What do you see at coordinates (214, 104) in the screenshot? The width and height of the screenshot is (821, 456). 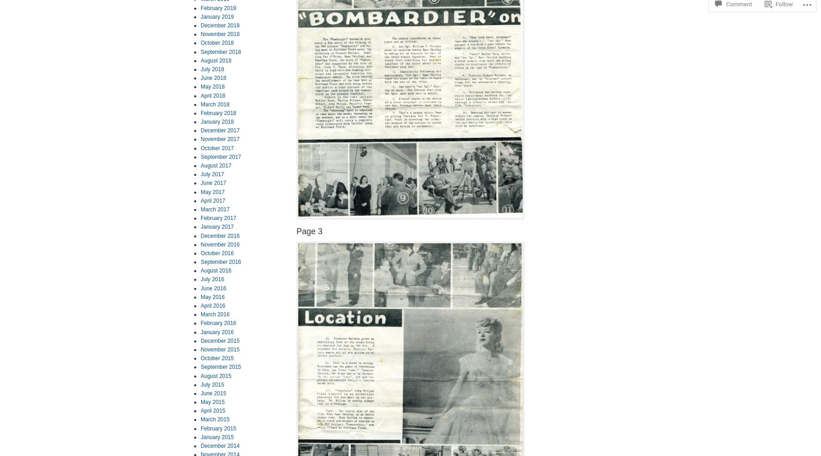 I see `'March 2018'` at bounding box center [214, 104].